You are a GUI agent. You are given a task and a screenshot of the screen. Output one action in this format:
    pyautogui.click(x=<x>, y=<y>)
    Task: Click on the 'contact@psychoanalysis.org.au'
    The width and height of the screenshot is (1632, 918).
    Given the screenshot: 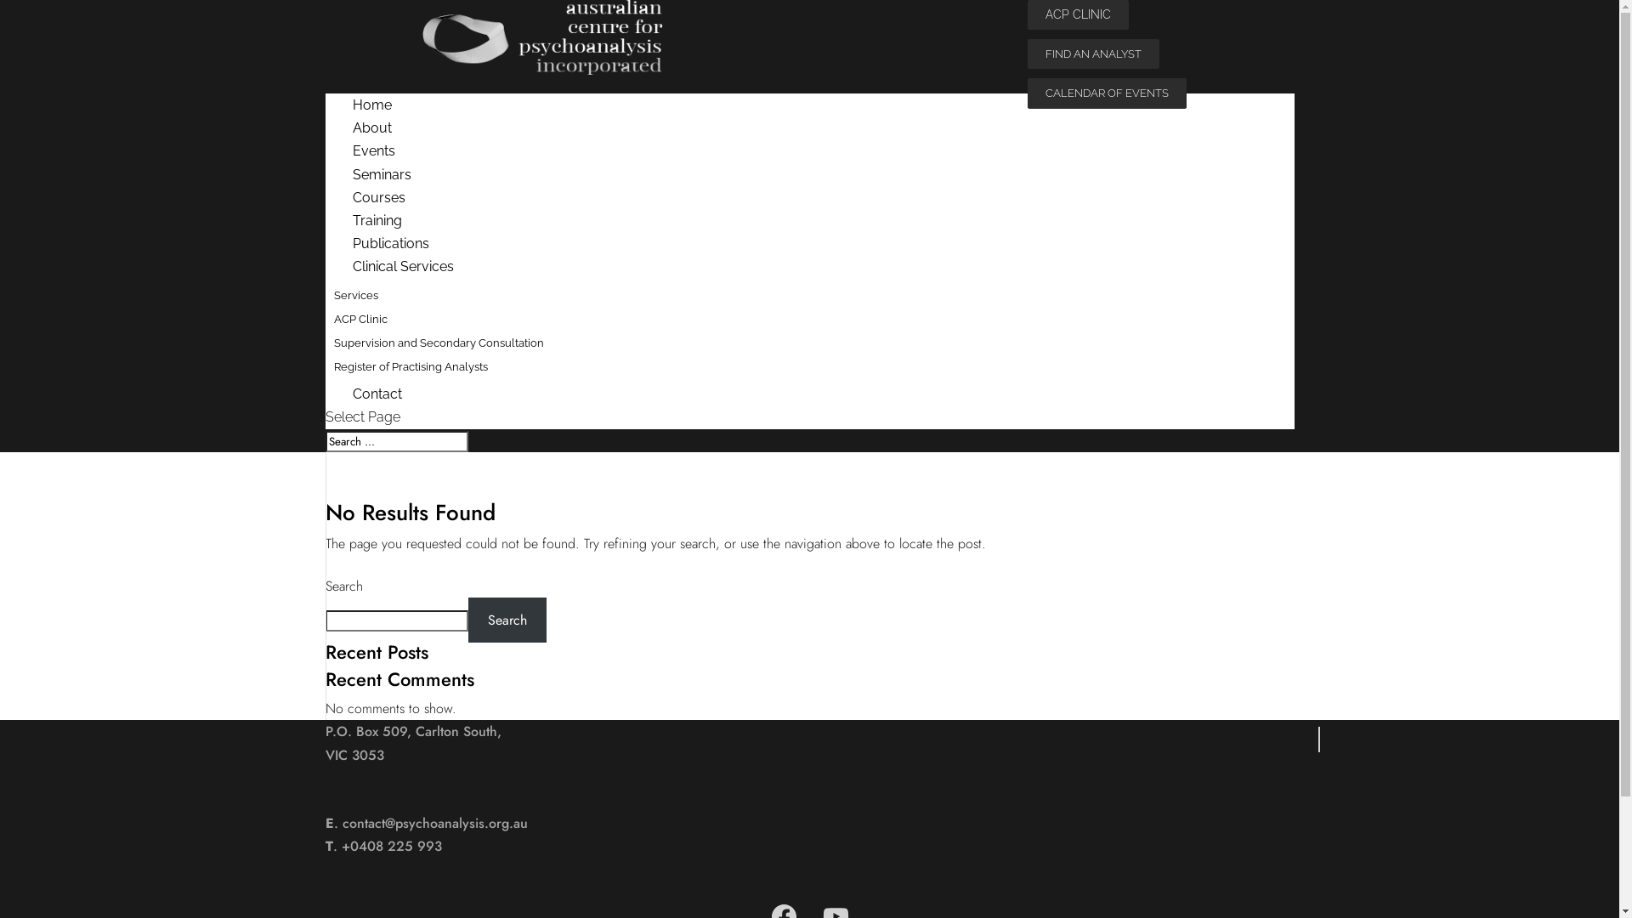 What is the action you would take?
    pyautogui.click(x=433, y=822)
    